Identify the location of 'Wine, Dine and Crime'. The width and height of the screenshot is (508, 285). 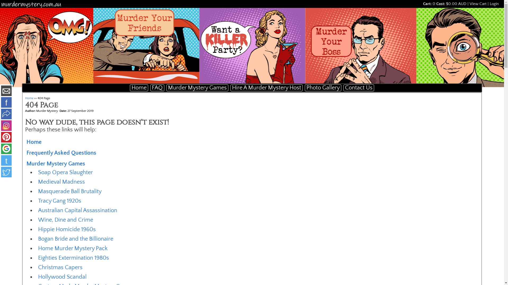
(65, 220).